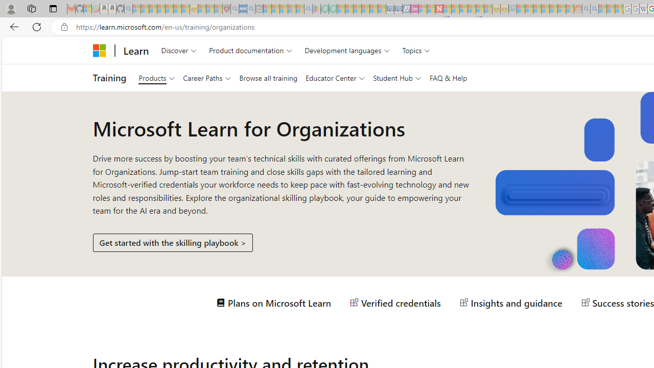  What do you see at coordinates (324, 9) in the screenshot?
I see `'Terms of Use Agreement - Sleeping'` at bounding box center [324, 9].